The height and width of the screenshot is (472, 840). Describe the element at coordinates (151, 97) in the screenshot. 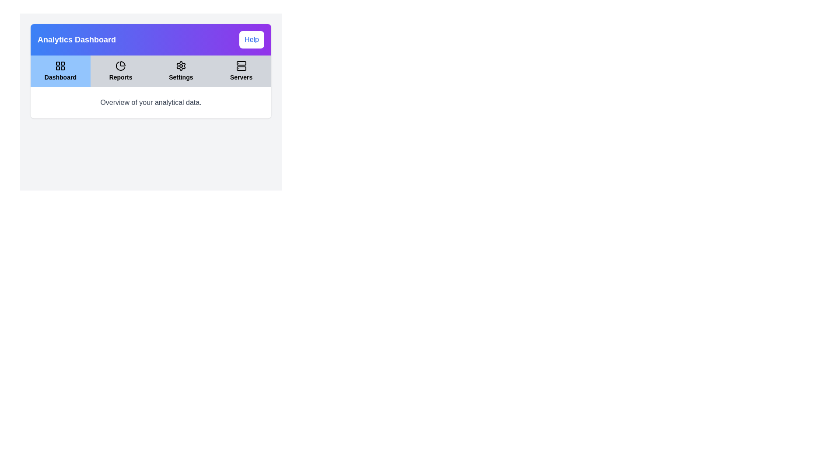

I see `text block containing the message 'Overview of your analytical data.' which is styled in gray font and located centrally beneath the navigation bar` at that location.